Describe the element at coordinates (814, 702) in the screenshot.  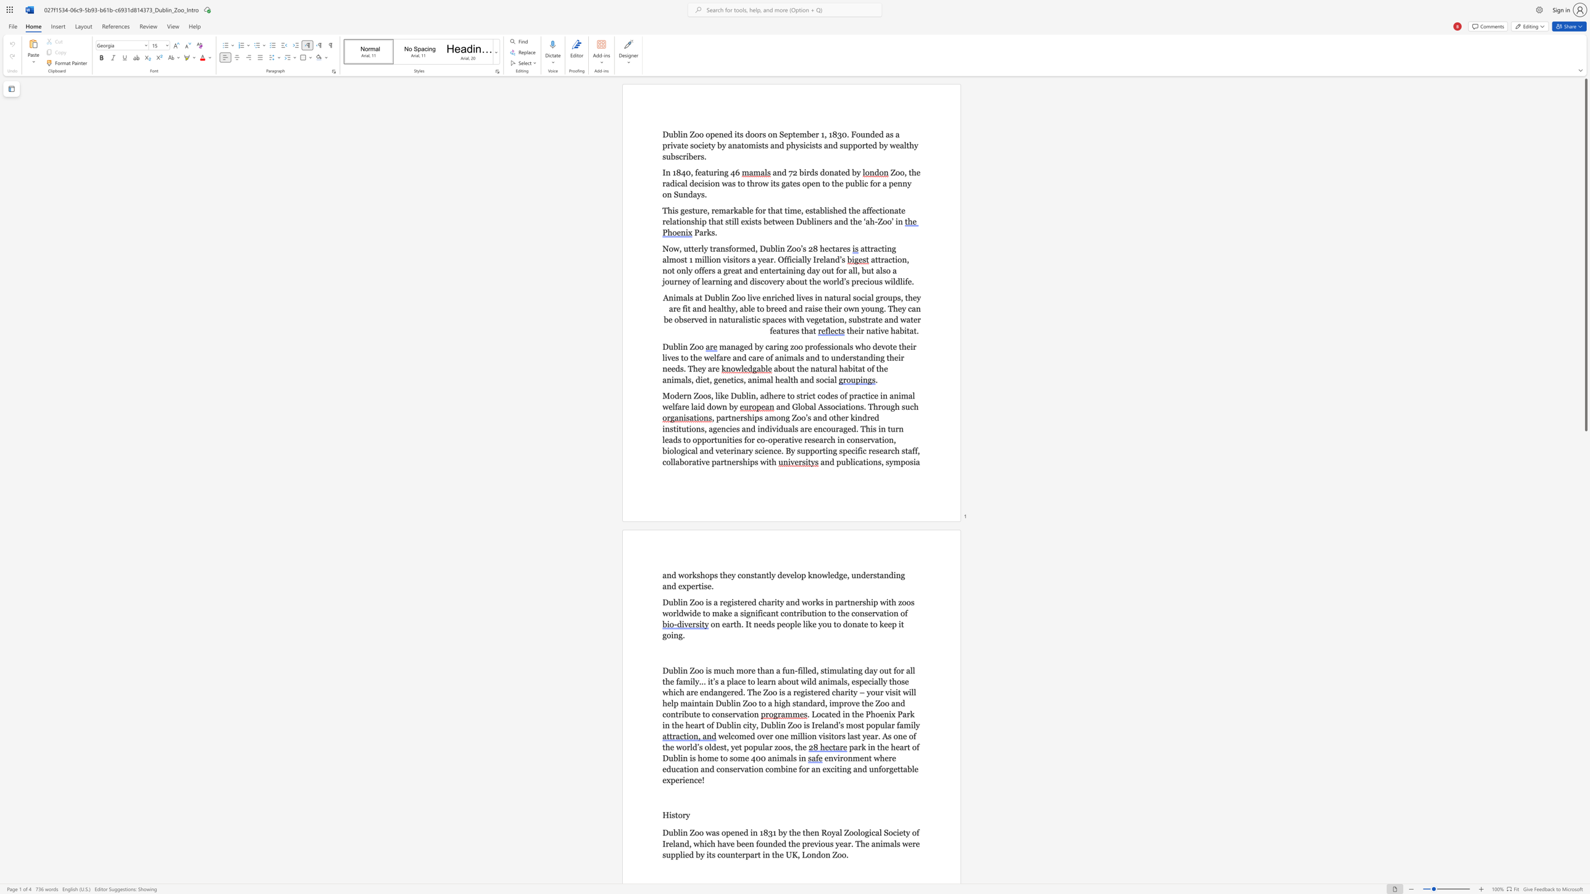
I see `the 3th character "a" in the text` at that location.